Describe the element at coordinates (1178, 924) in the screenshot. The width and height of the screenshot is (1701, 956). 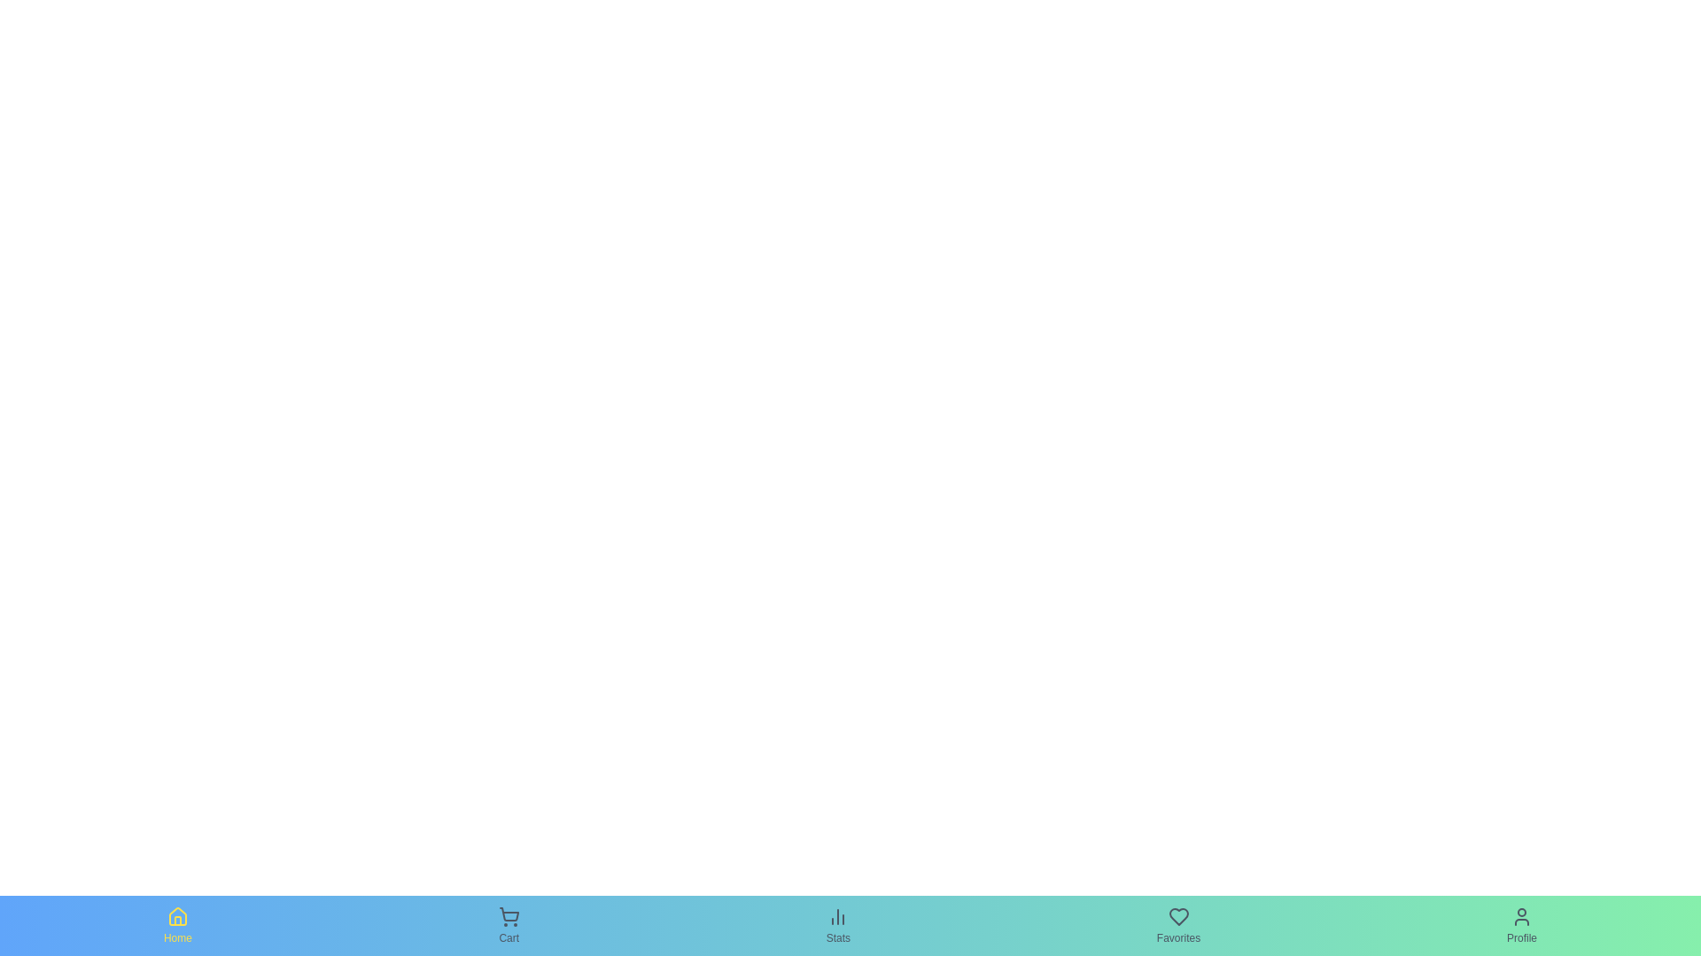
I see `the Favorites tab in the bottom navigation bar` at that location.